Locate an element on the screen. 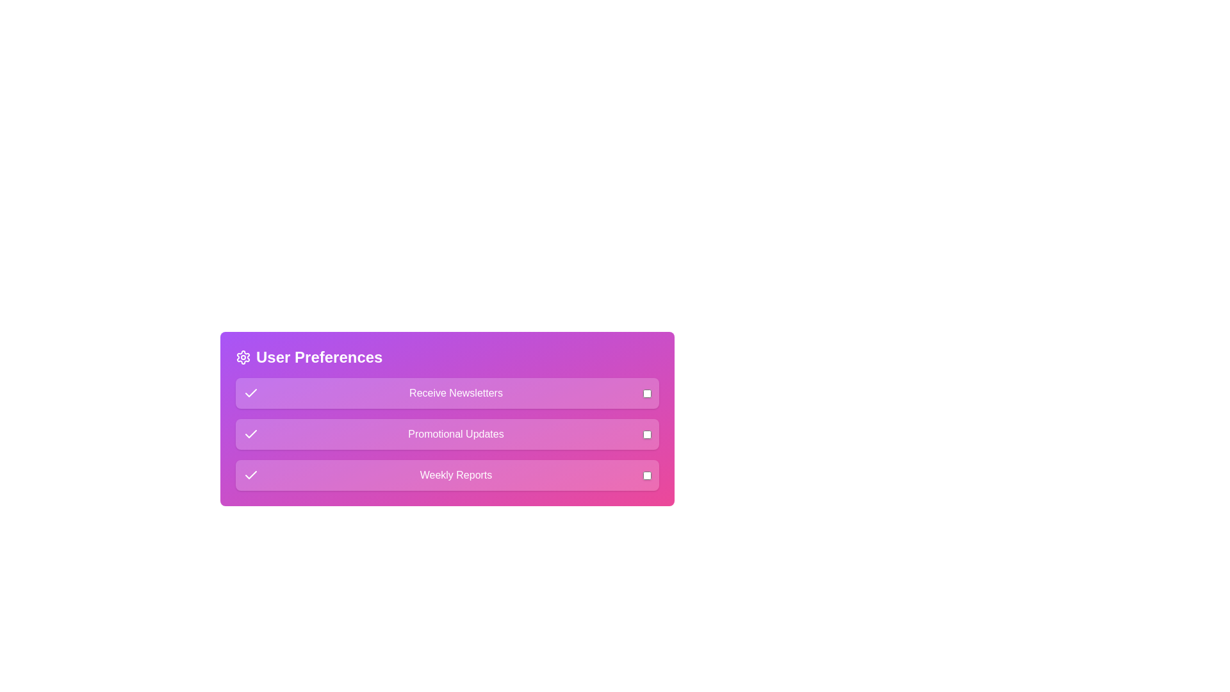  the 'User Preferences' title is located at coordinates (447, 358).